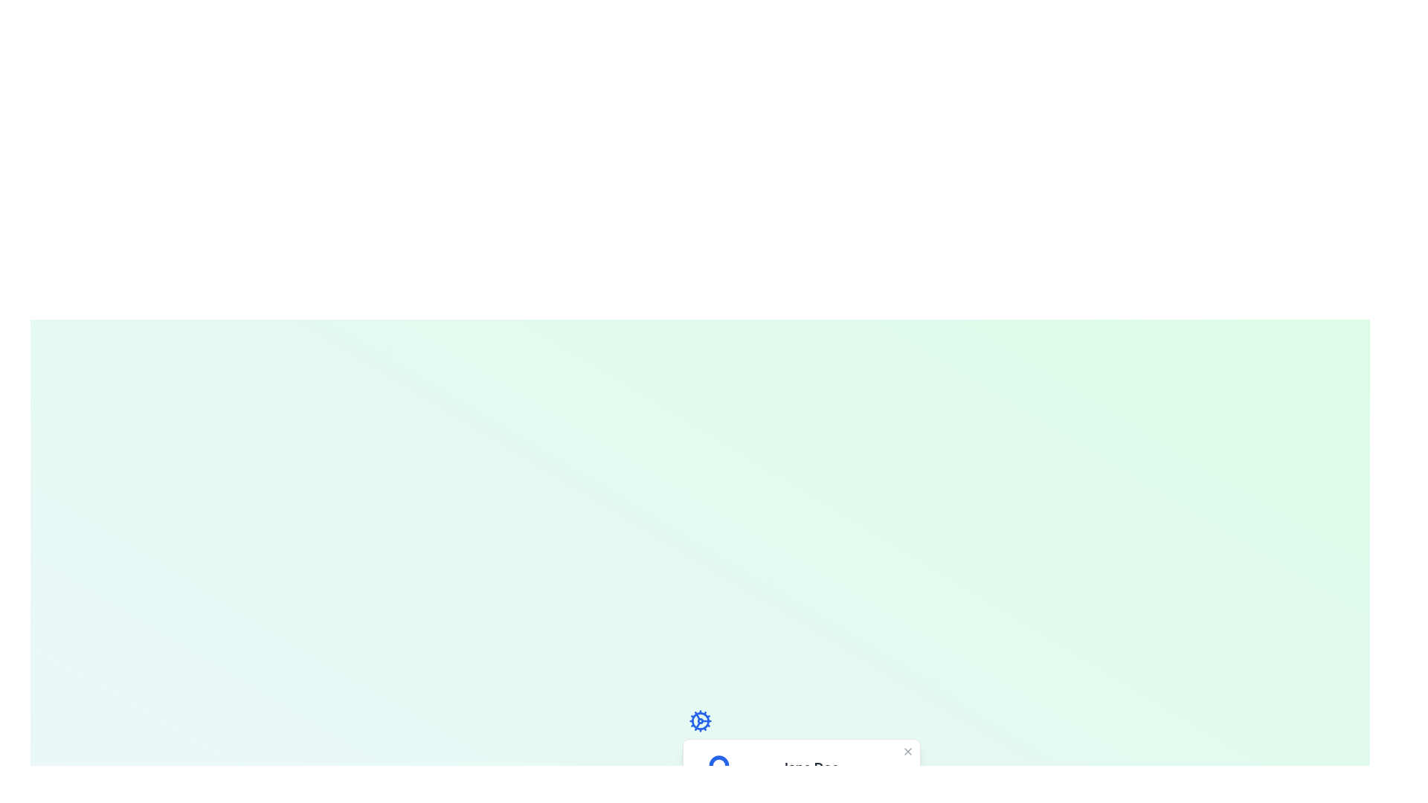  I want to click on the close button located in the upper-right corner of the user information panel, so click(907, 751).